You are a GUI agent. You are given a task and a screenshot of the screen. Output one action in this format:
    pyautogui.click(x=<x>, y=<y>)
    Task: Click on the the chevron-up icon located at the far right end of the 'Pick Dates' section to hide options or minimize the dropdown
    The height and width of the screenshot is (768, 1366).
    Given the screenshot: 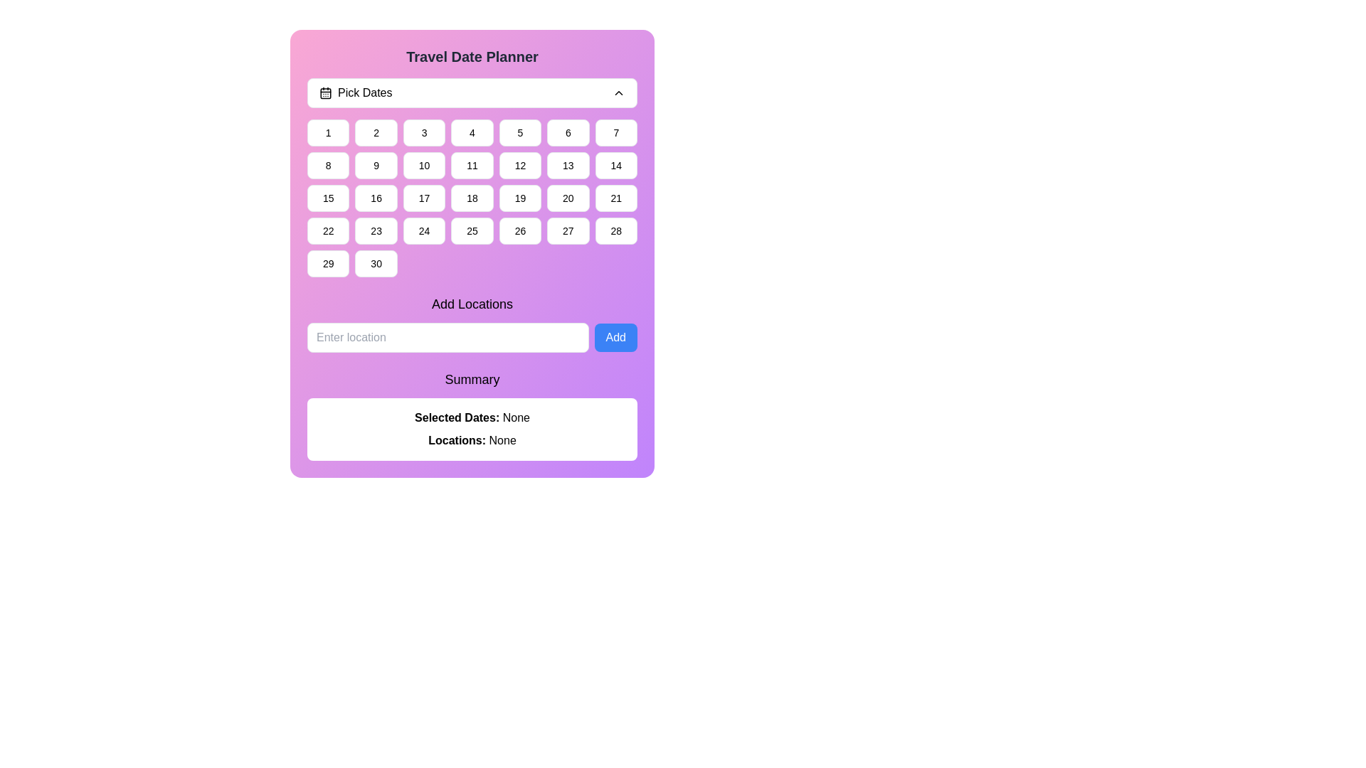 What is the action you would take?
    pyautogui.click(x=618, y=93)
    